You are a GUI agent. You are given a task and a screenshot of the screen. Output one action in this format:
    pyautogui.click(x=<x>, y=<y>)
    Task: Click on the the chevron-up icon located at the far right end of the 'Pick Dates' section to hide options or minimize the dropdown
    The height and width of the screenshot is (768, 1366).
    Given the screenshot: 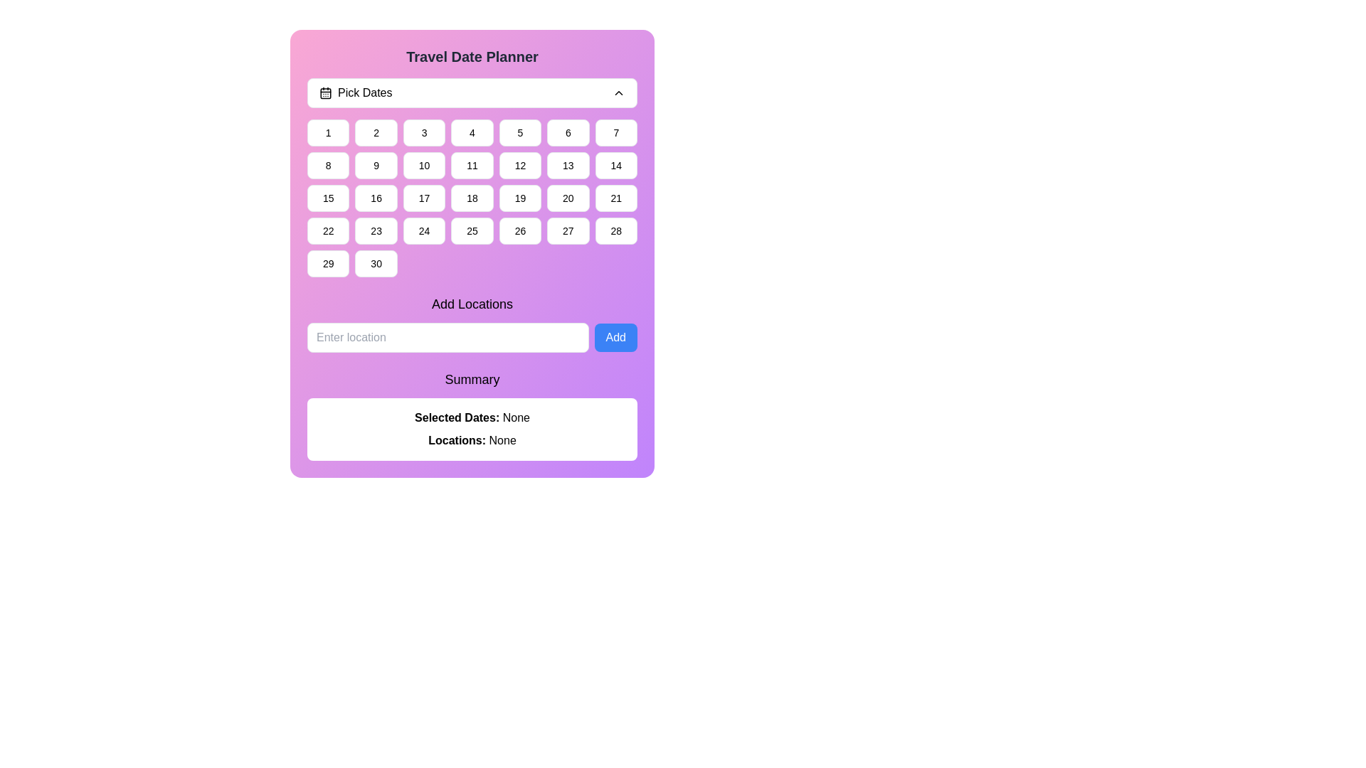 What is the action you would take?
    pyautogui.click(x=618, y=93)
    